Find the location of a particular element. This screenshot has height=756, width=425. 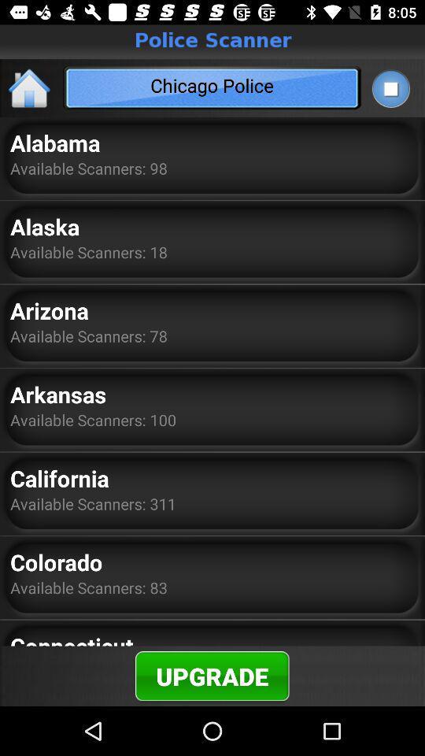

the app next to the chicago police icon is located at coordinates (390, 88).